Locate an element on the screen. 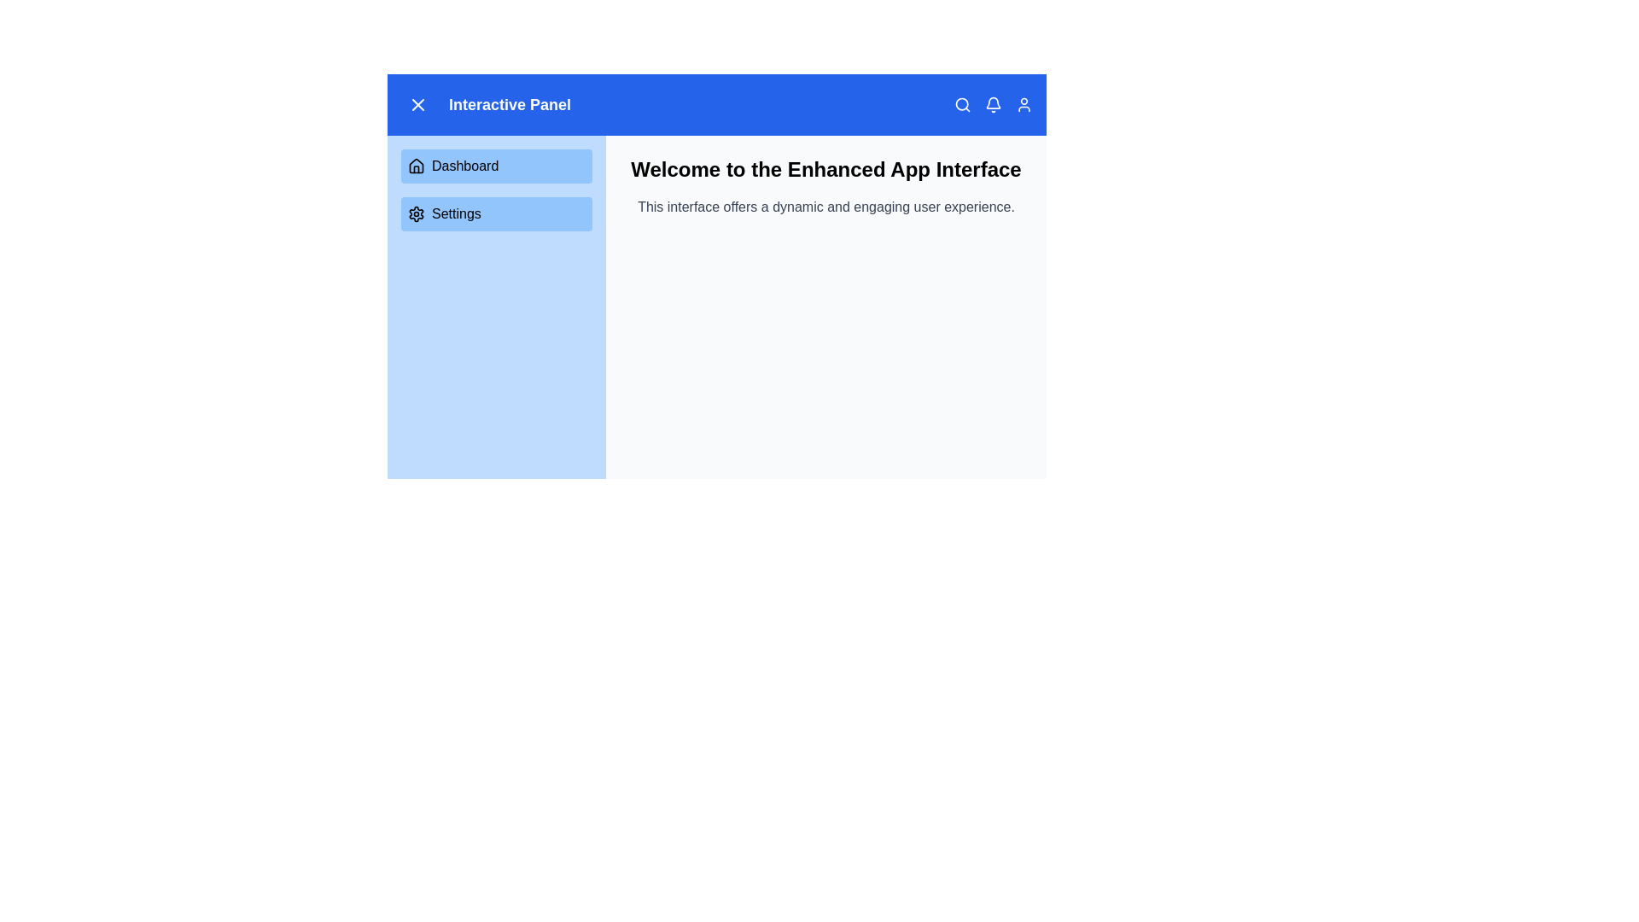  the house icon located in the sidebar menu next to the 'Dashboard' label by clicking on it is located at coordinates (417, 165).